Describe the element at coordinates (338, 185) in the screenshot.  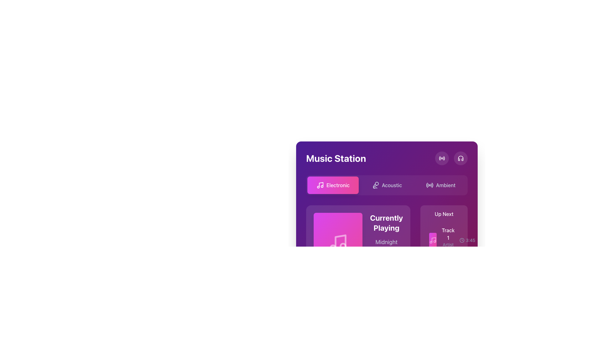
I see `label text indicating the category or section titled 'Electronic', located adjacent to 'Acoustic' and 'Ambient' options` at that location.